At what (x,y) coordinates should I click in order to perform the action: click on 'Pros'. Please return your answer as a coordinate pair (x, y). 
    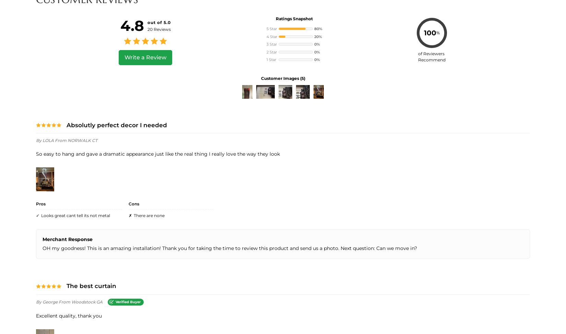
    Looking at the image, I should click on (36, 203).